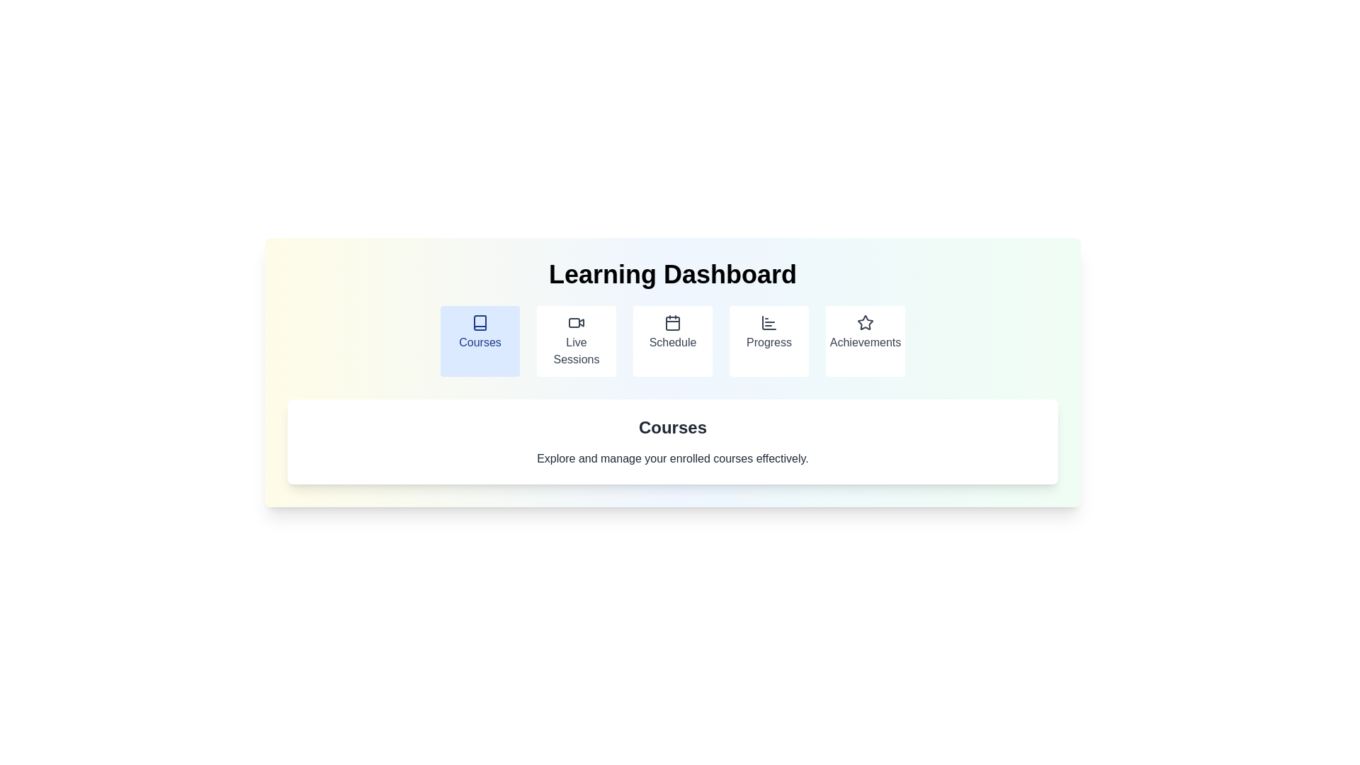 This screenshot has height=765, width=1360. What do you see at coordinates (865, 341) in the screenshot?
I see `the 'Achievements' button, which is a rectangular button with rounded corners and a white background, containing a centered star icon and the label 'Achievements' below it` at bounding box center [865, 341].